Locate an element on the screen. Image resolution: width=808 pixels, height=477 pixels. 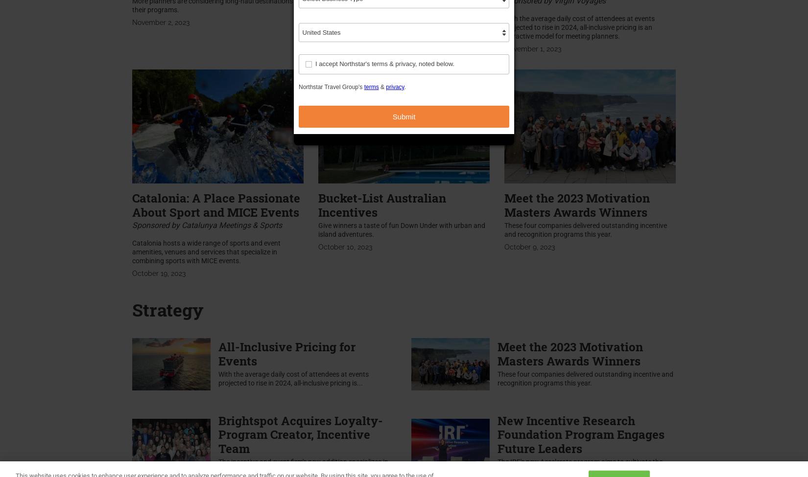
'With the average daily cost of attendees at events projected to rise in 2024, all-inclusive pricing is...' is located at coordinates (217, 378).